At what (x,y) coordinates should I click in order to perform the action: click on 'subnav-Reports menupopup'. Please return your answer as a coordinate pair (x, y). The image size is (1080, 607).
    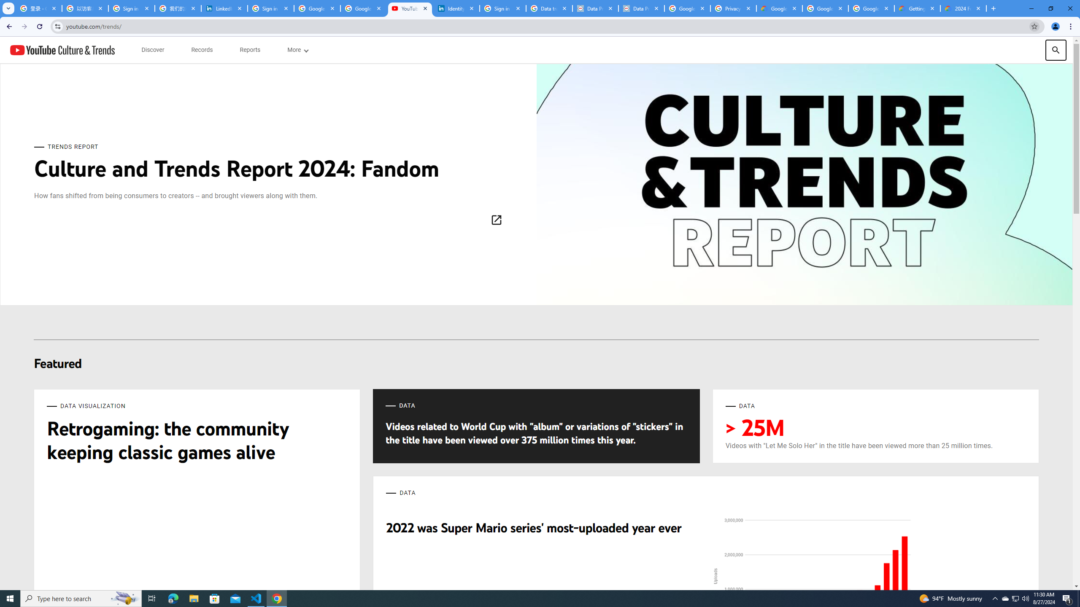
    Looking at the image, I should click on (249, 50).